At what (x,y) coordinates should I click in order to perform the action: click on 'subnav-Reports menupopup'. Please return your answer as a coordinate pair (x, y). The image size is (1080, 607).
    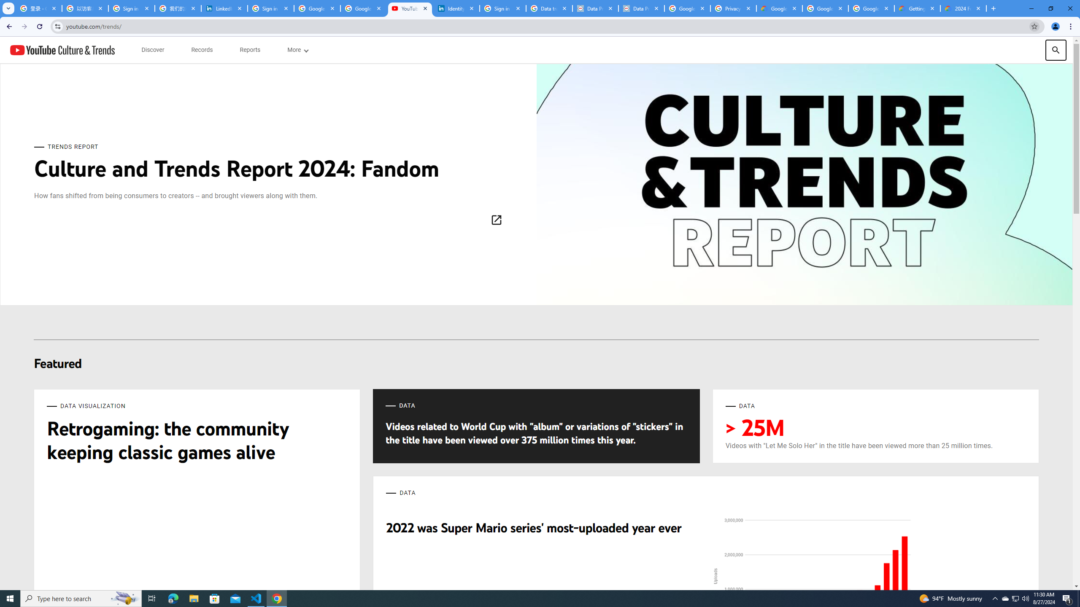
    Looking at the image, I should click on (249, 50).